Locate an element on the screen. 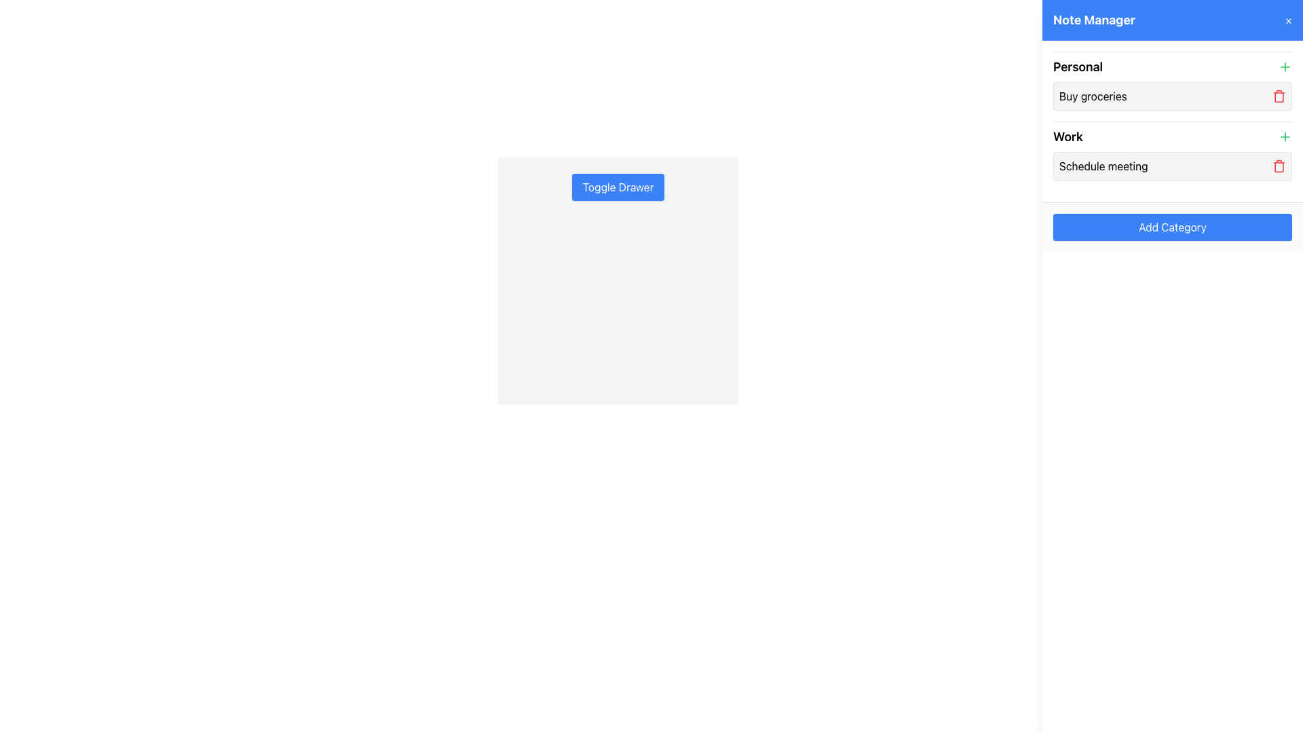  the 'Note Manager' text label, which is a large, bold, white text on a blue background located in the header of the panel is located at coordinates (1094, 20).